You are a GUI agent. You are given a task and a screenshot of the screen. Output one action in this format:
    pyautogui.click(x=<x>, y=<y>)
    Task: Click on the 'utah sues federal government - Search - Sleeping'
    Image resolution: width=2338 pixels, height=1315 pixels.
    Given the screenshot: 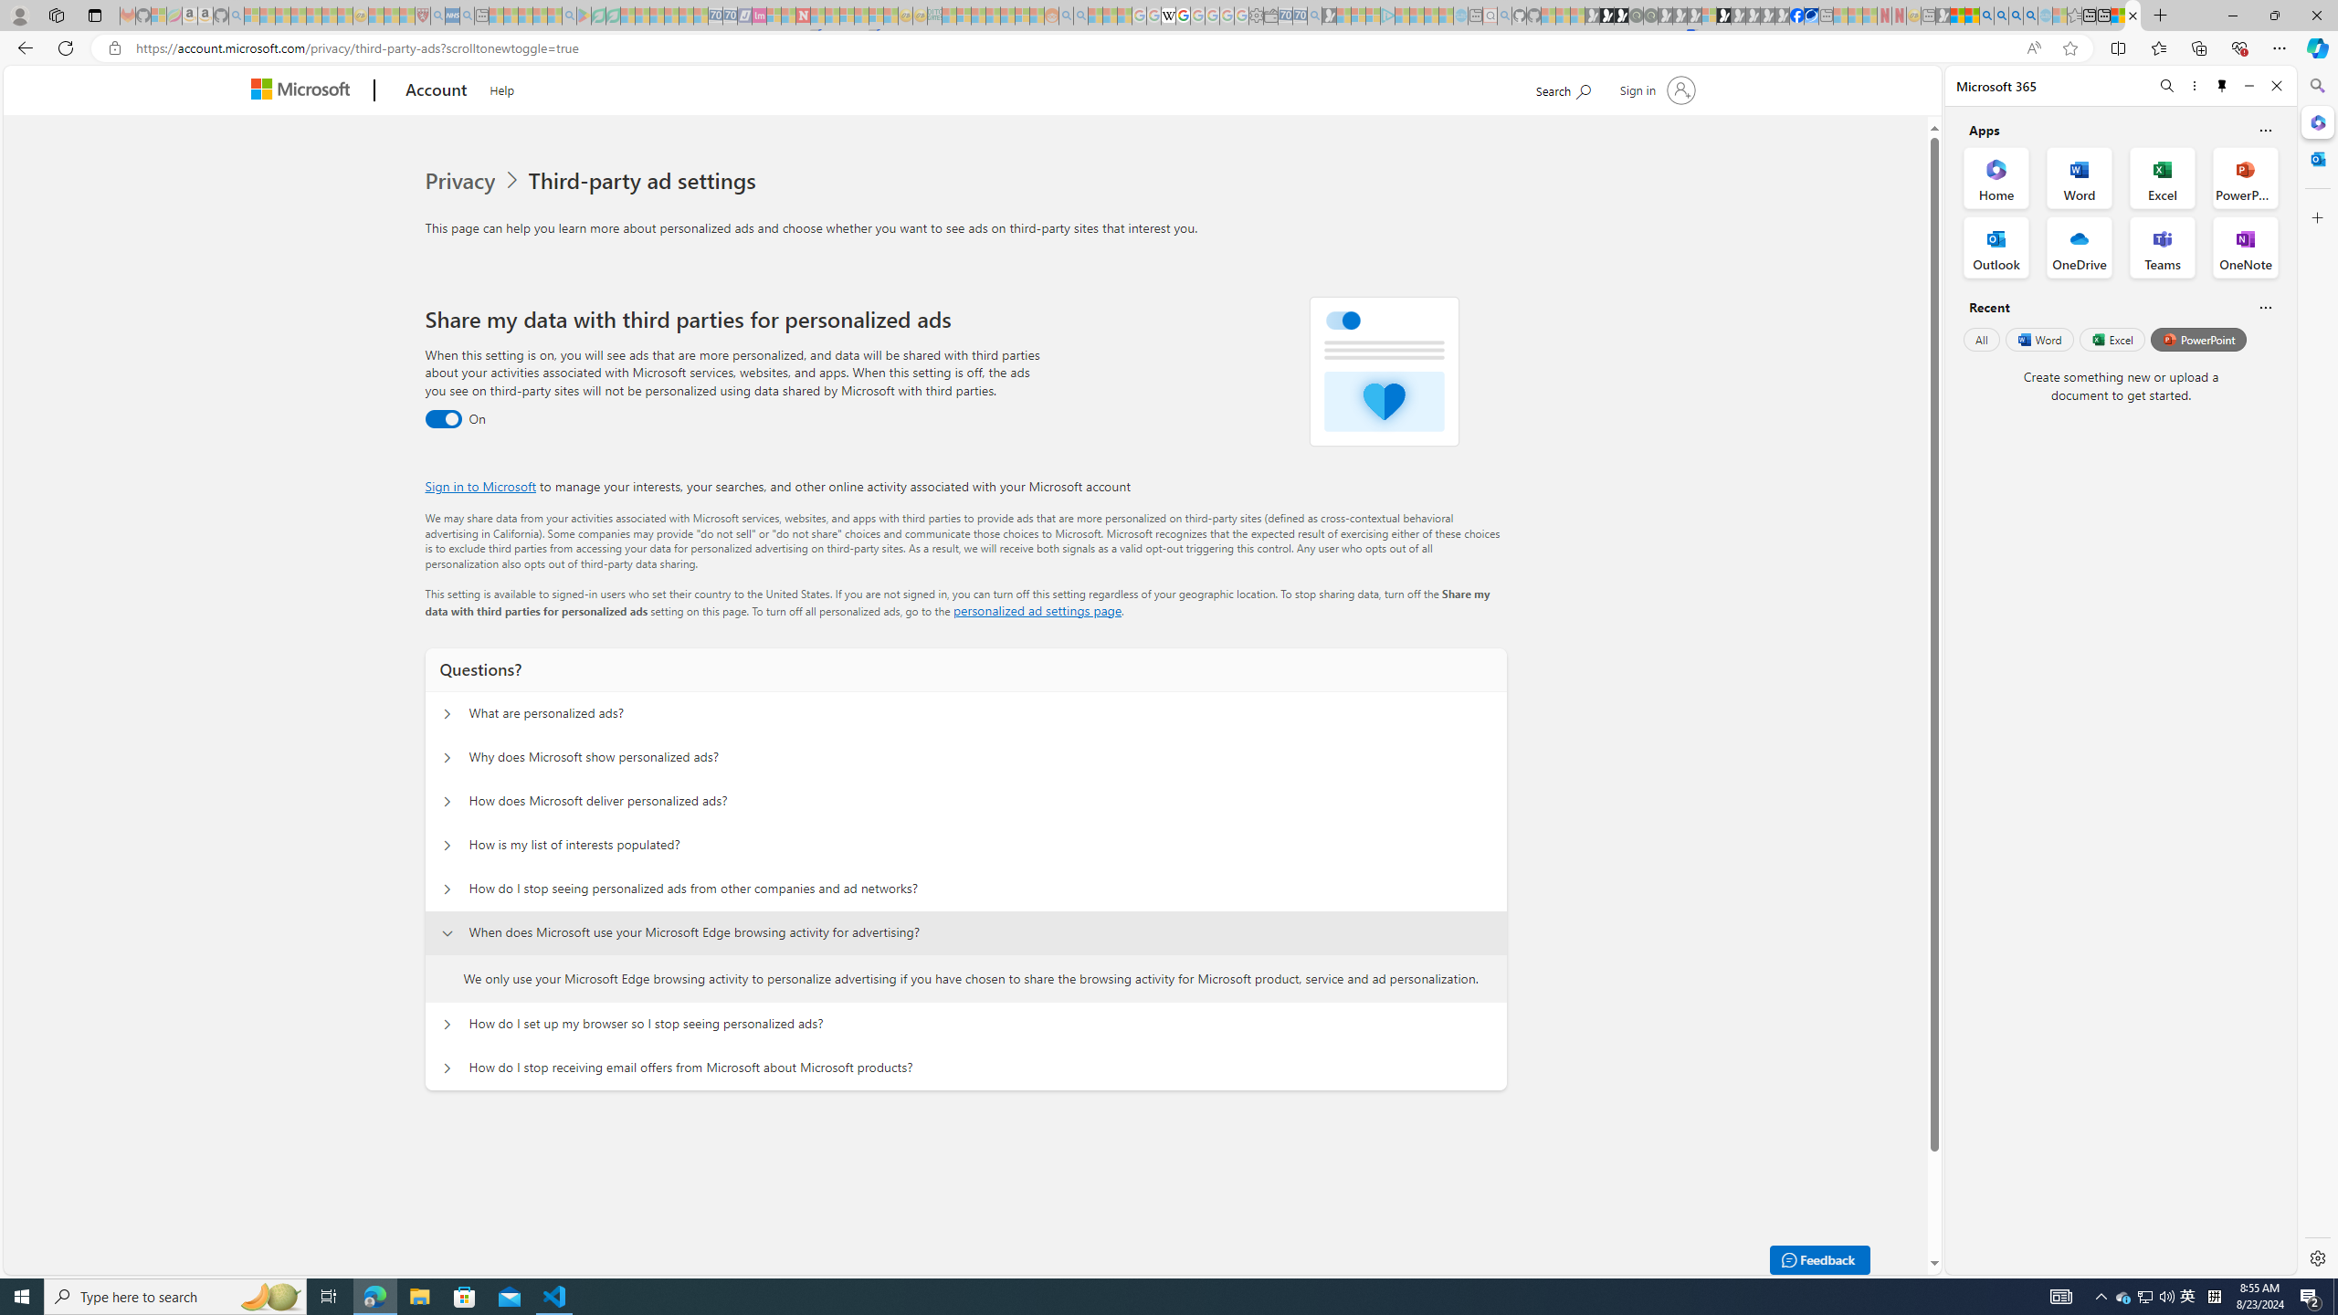 What is the action you would take?
    pyautogui.click(x=465, y=15)
    